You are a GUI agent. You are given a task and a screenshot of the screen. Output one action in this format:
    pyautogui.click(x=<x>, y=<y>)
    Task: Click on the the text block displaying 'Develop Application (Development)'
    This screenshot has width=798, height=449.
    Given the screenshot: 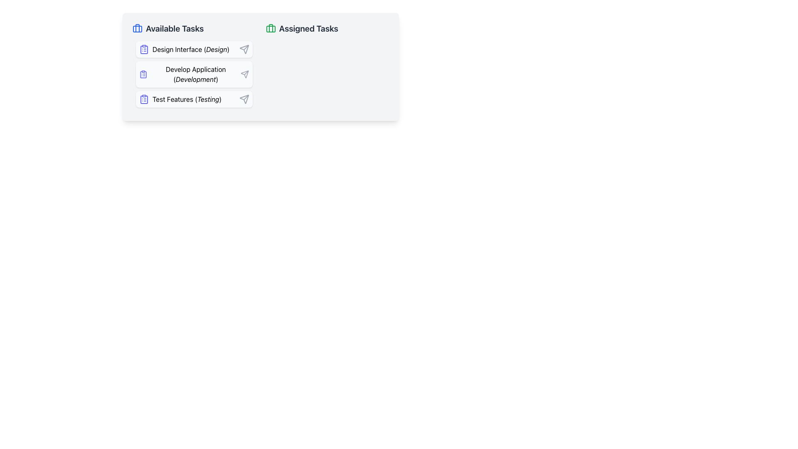 What is the action you would take?
    pyautogui.click(x=195, y=74)
    